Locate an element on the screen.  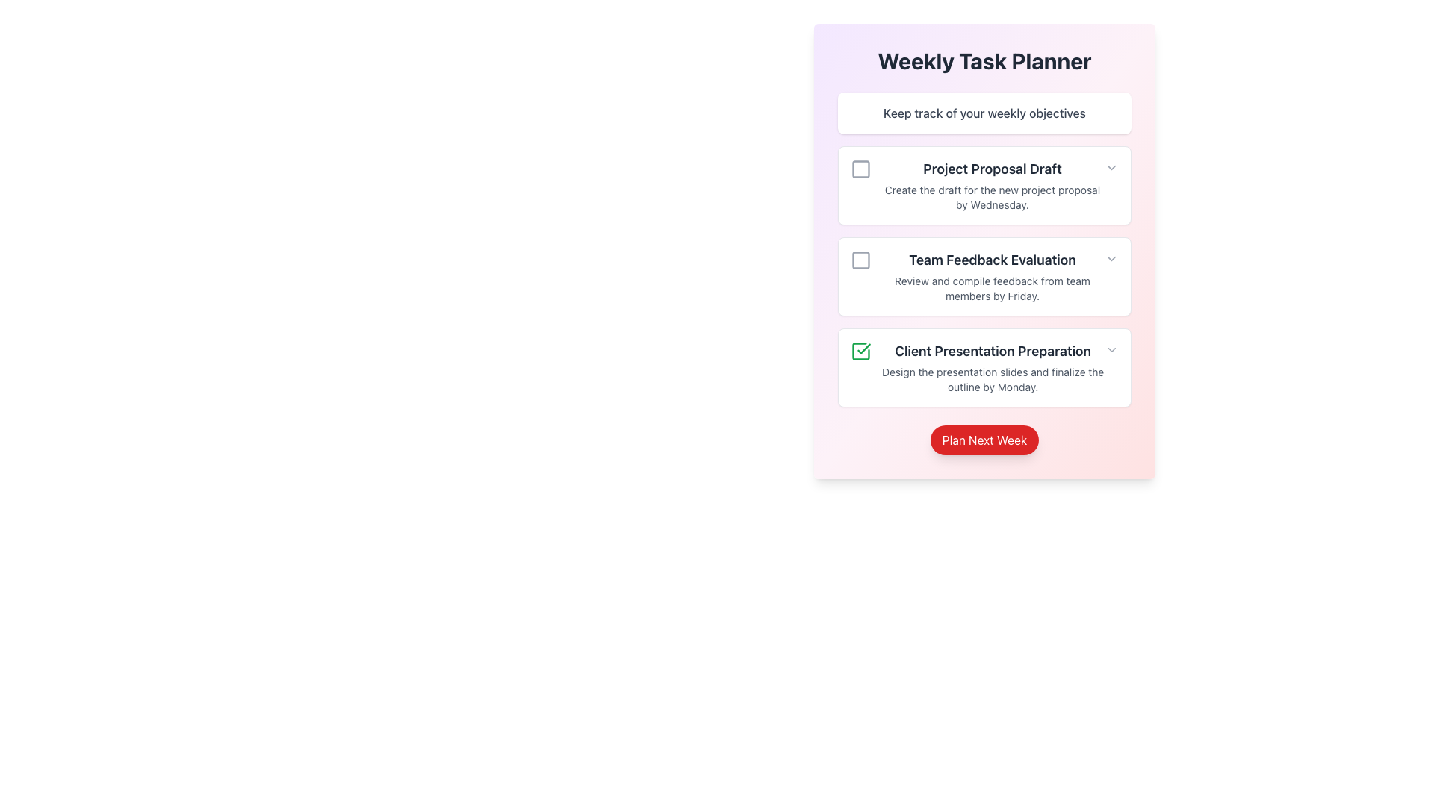
the text block that reads 'Keep track of your weekly objectives' in the 'Weekly Task Planner' card interface is located at coordinates (984, 112).